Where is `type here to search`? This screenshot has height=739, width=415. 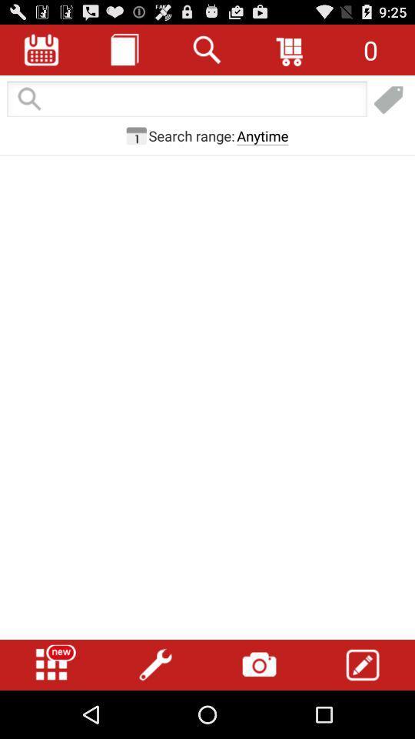
type here to search is located at coordinates (187, 99).